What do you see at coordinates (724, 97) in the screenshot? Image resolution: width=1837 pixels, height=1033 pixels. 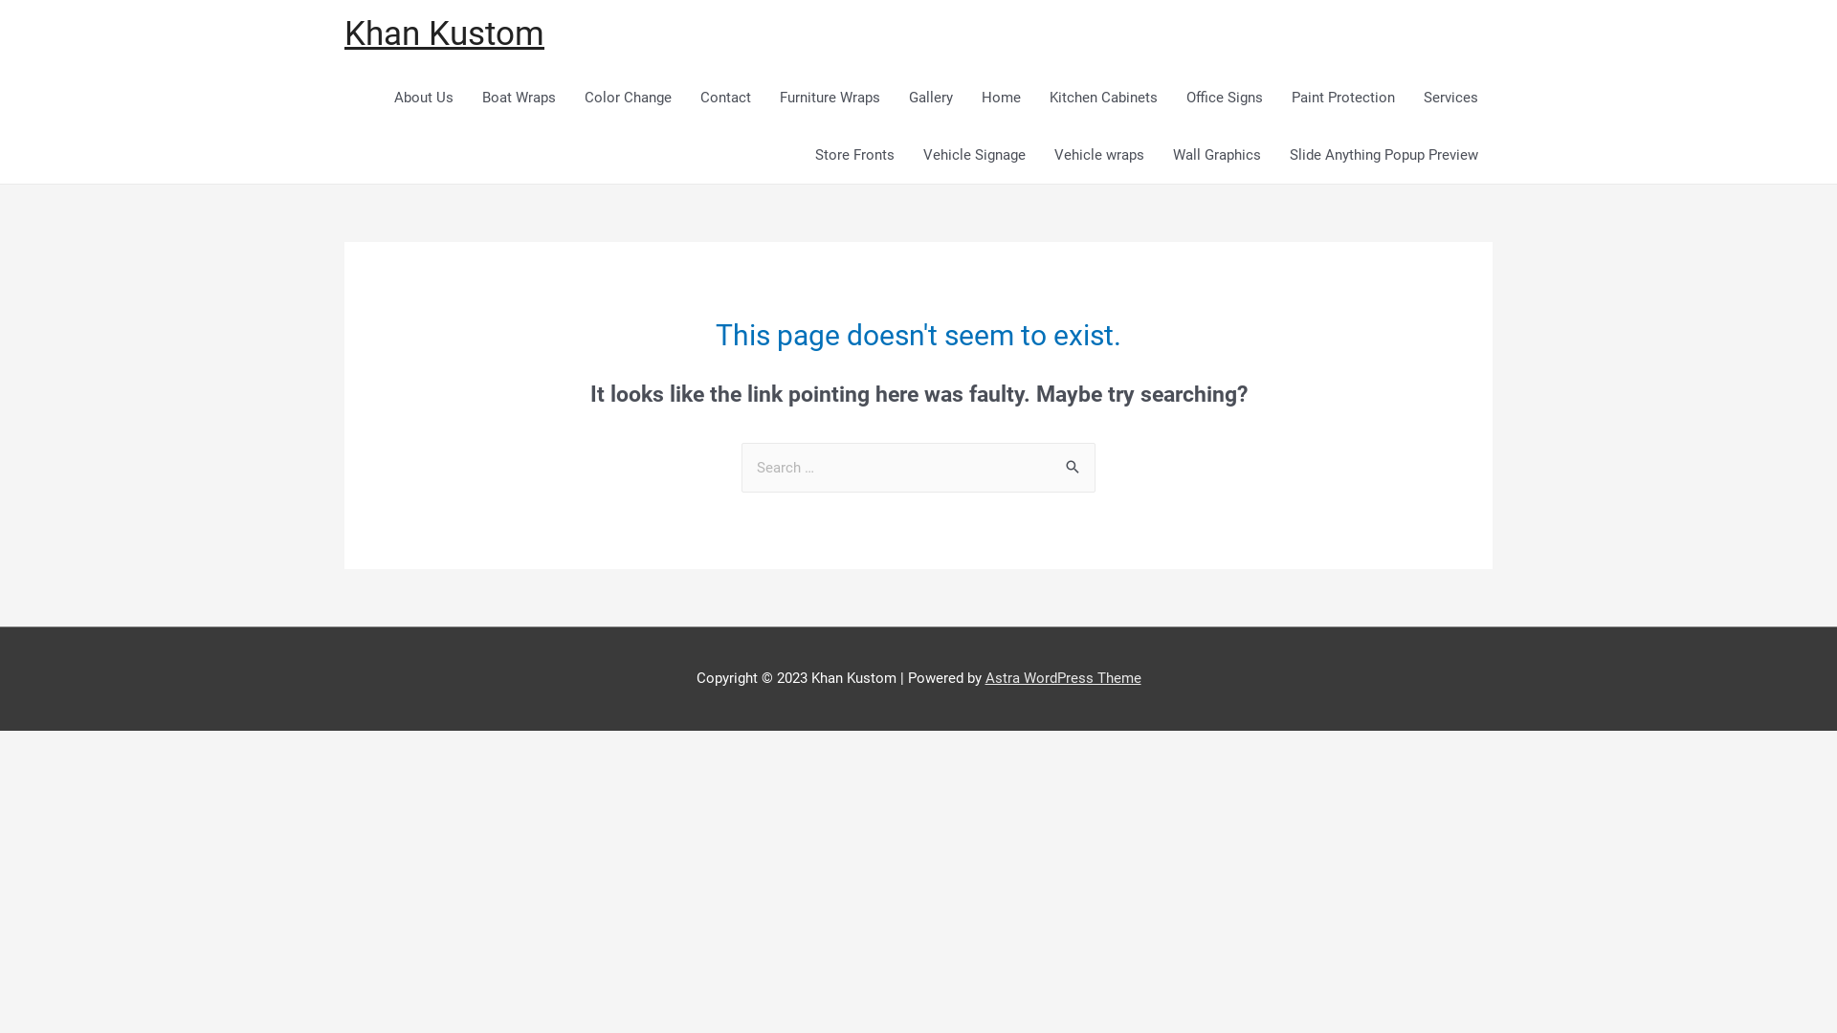 I see `'Contact'` at bounding box center [724, 97].